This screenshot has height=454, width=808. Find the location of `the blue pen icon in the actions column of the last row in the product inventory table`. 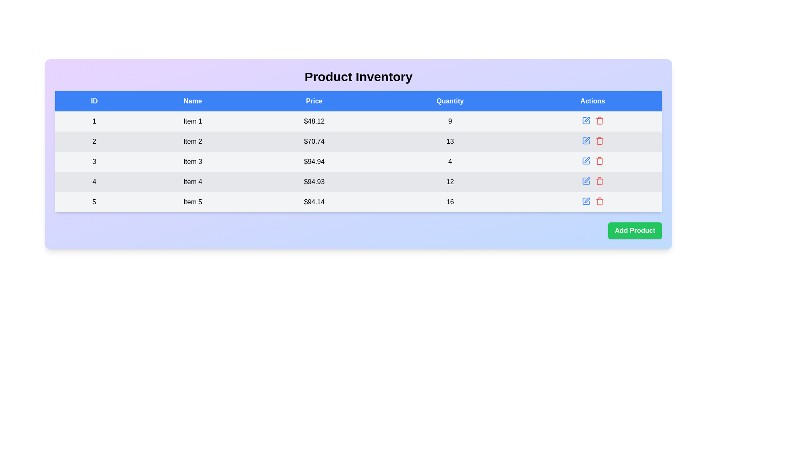

the blue pen icon in the actions column of the last row in the product inventory table is located at coordinates (587, 200).